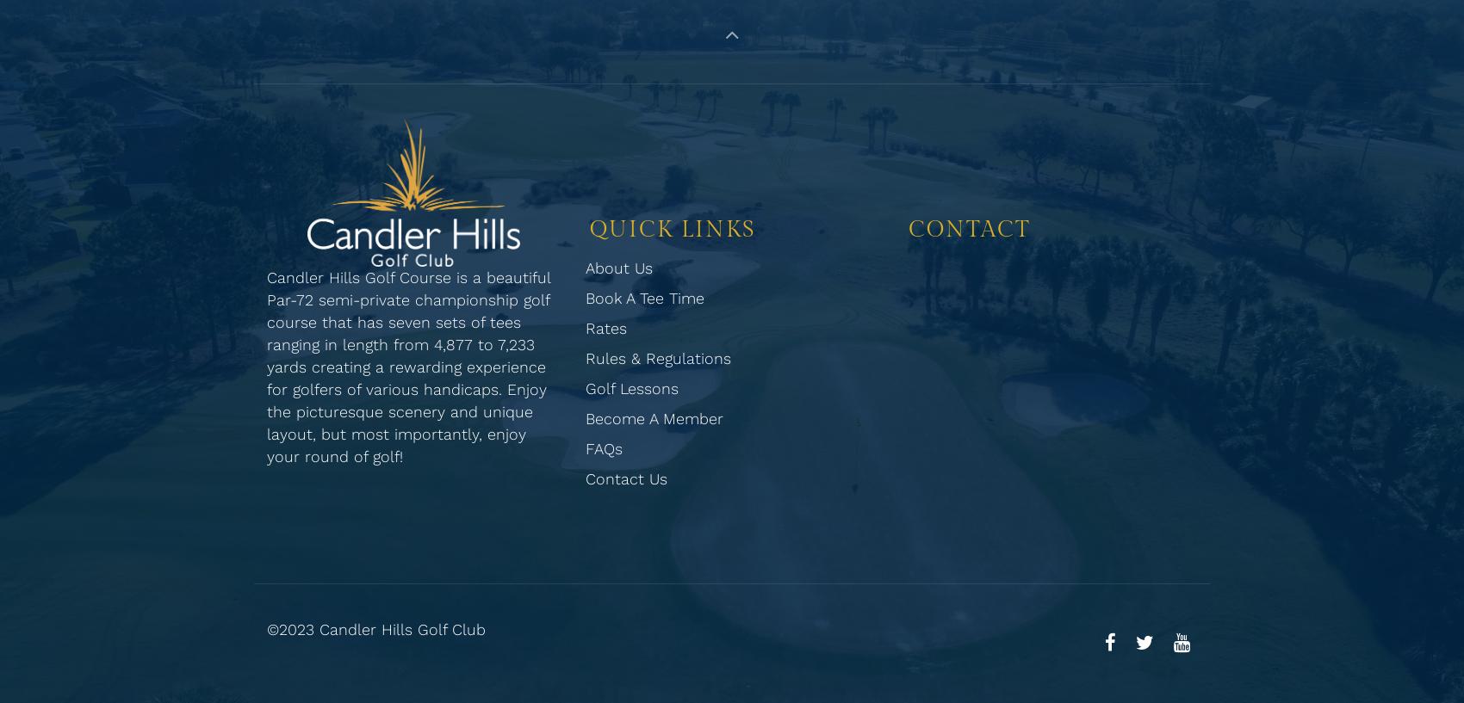 This screenshot has height=703, width=1464. Describe the element at coordinates (626, 477) in the screenshot. I see `'Contact Us'` at that location.